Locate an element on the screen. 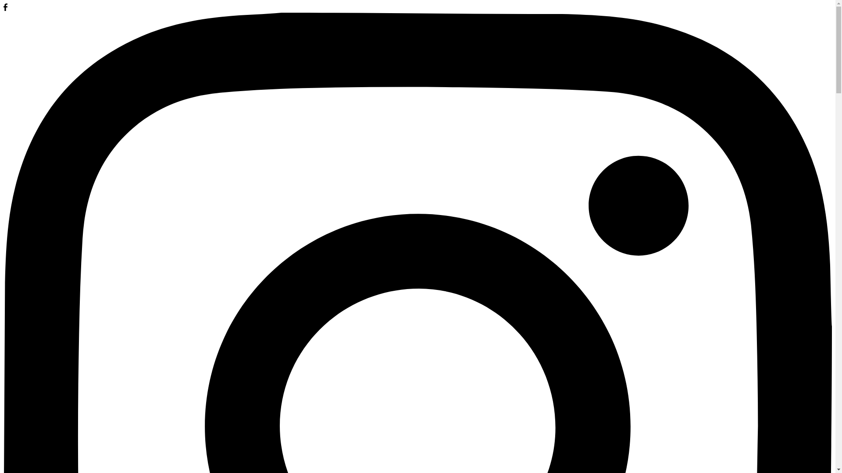  'A link to this website's Facebook.' is located at coordinates (4, 8).